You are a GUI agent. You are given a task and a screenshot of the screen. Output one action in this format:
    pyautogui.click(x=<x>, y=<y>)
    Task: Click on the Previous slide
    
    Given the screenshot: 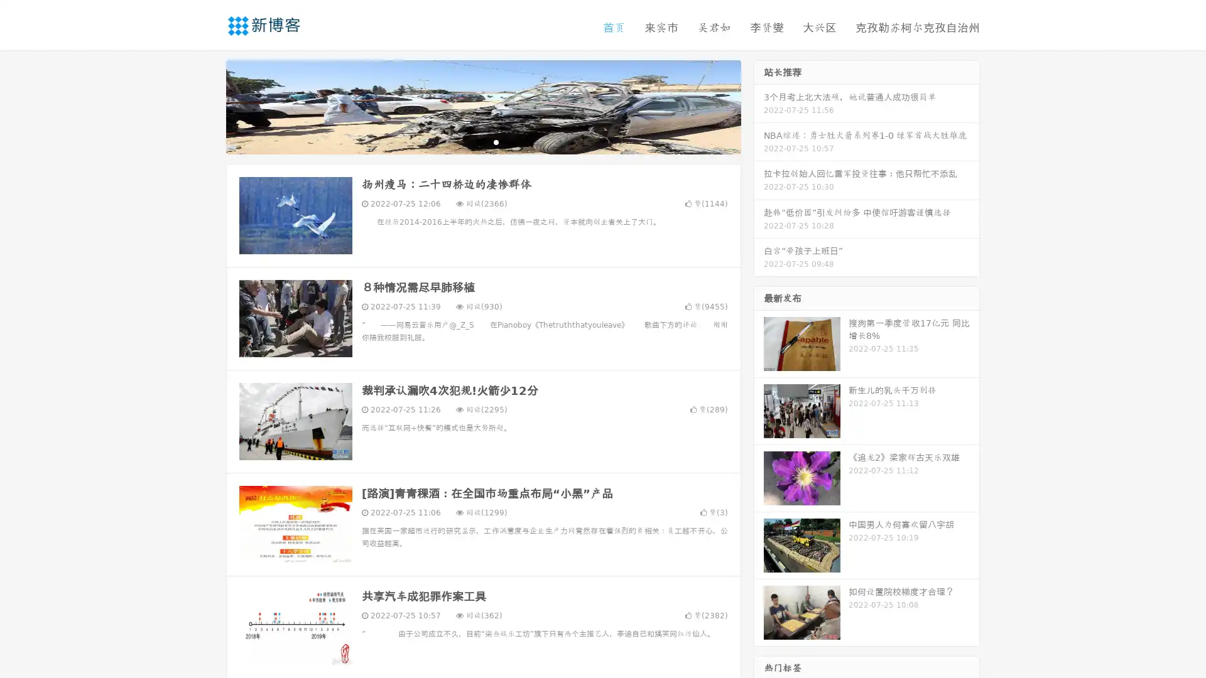 What is the action you would take?
    pyautogui.click(x=207, y=105)
    